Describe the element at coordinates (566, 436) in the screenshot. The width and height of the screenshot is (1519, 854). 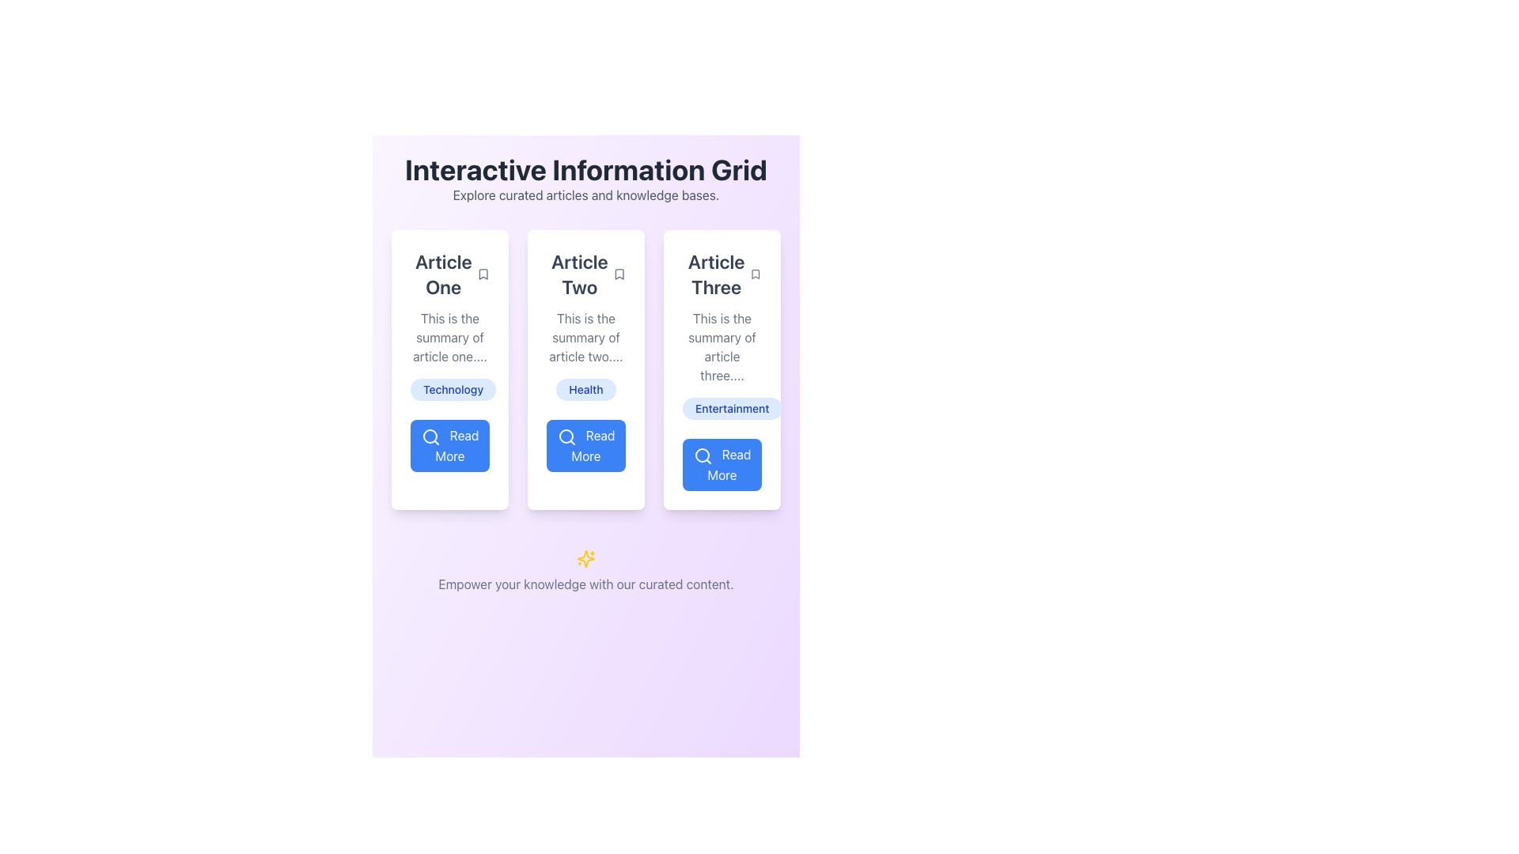
I see `the decorative icon component within the 'Read More' button located under the 'Article Two' section to interact with the button` at that location.